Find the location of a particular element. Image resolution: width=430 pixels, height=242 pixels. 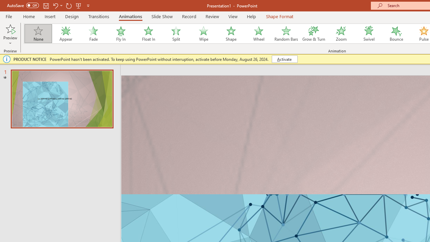

'Wipe' is located at coordinates (203, 34).